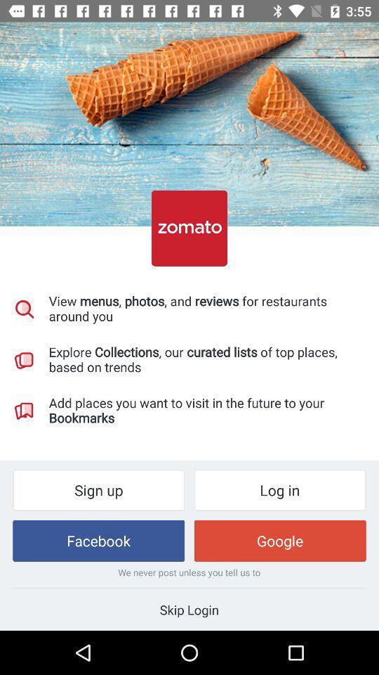 The height and width of the screenshot is (675, 379). What do you see at coordinates (98, 540) in the screenshot?
I see `icon above we never post icon` at bounding box center [98, 540].